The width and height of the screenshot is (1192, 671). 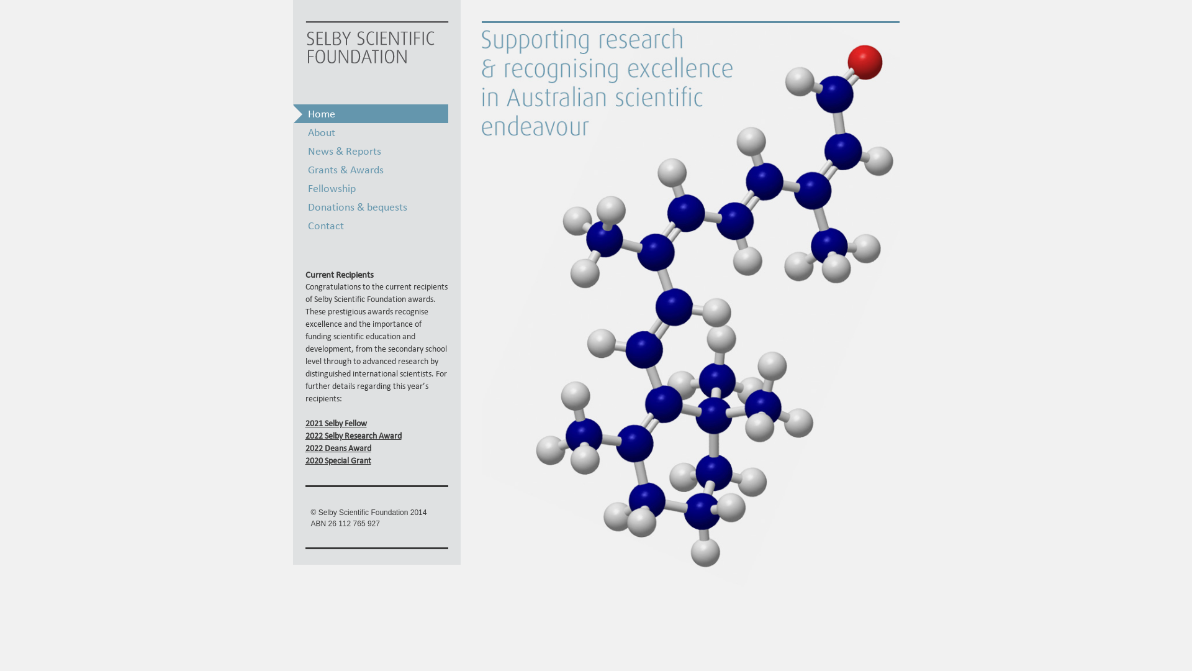 I want to click on '2022 Deans Award', so click(x=376, y=448).